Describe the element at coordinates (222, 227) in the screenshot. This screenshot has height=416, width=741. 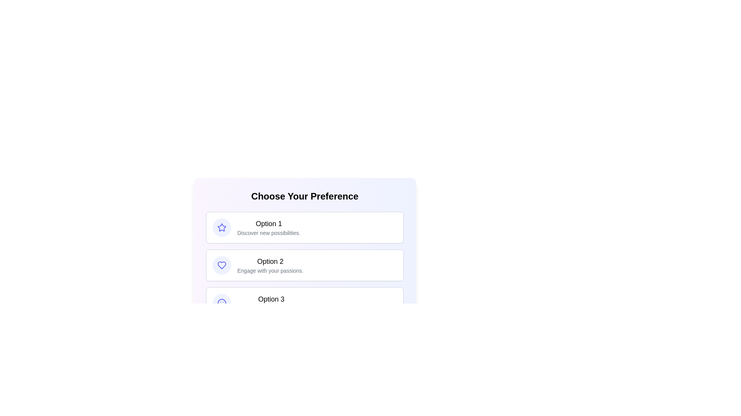
I see `the indigo star-shaped SVG icon located to the left of 'Option 1' and above the text 'Discover new possibilities'` at that location.